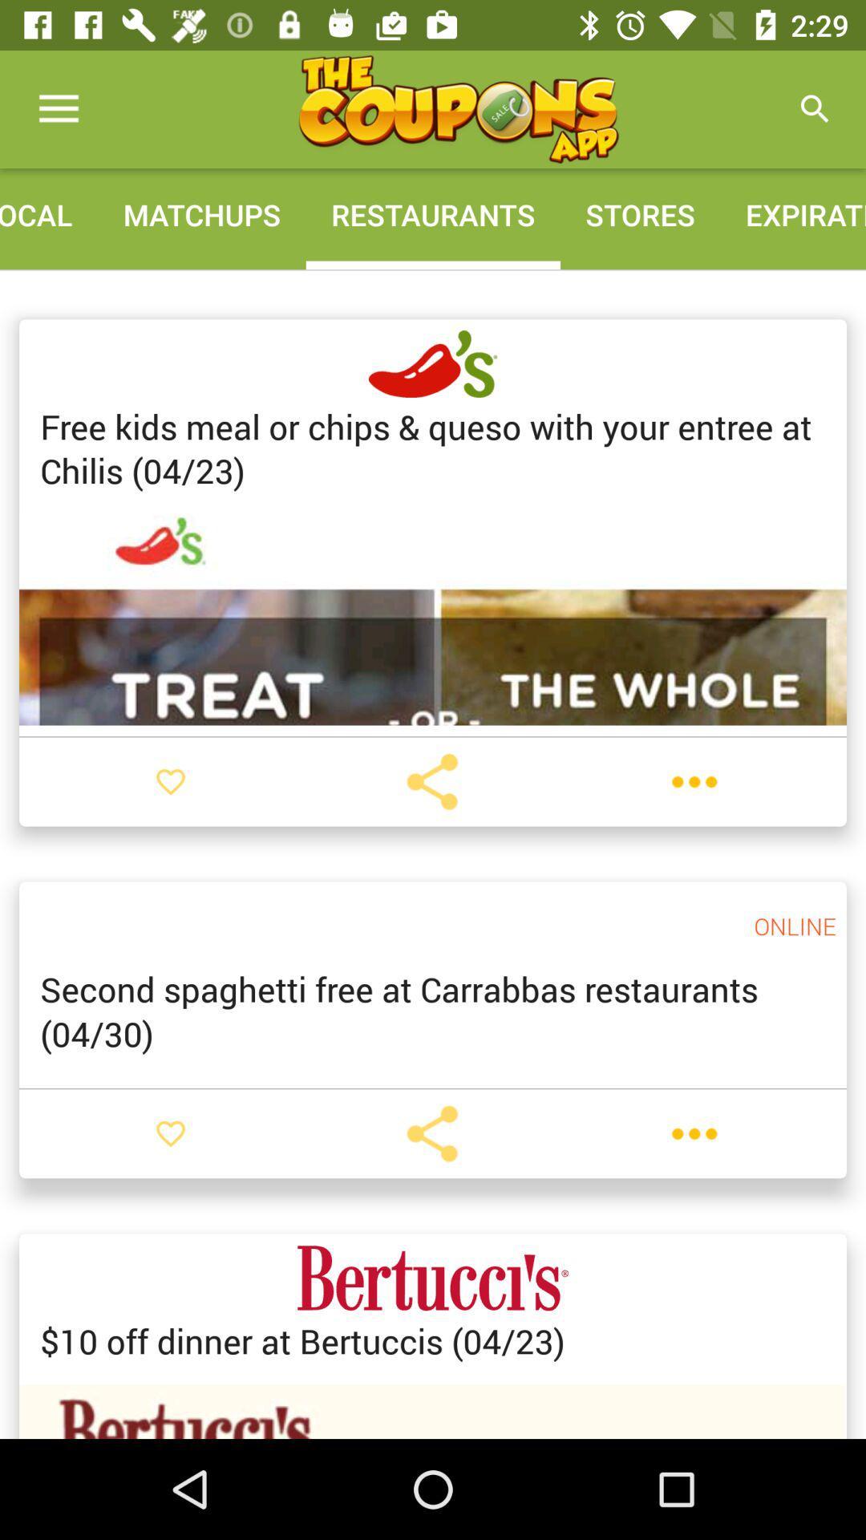  I want to click on see options and details for coupon, so click(694, 781).